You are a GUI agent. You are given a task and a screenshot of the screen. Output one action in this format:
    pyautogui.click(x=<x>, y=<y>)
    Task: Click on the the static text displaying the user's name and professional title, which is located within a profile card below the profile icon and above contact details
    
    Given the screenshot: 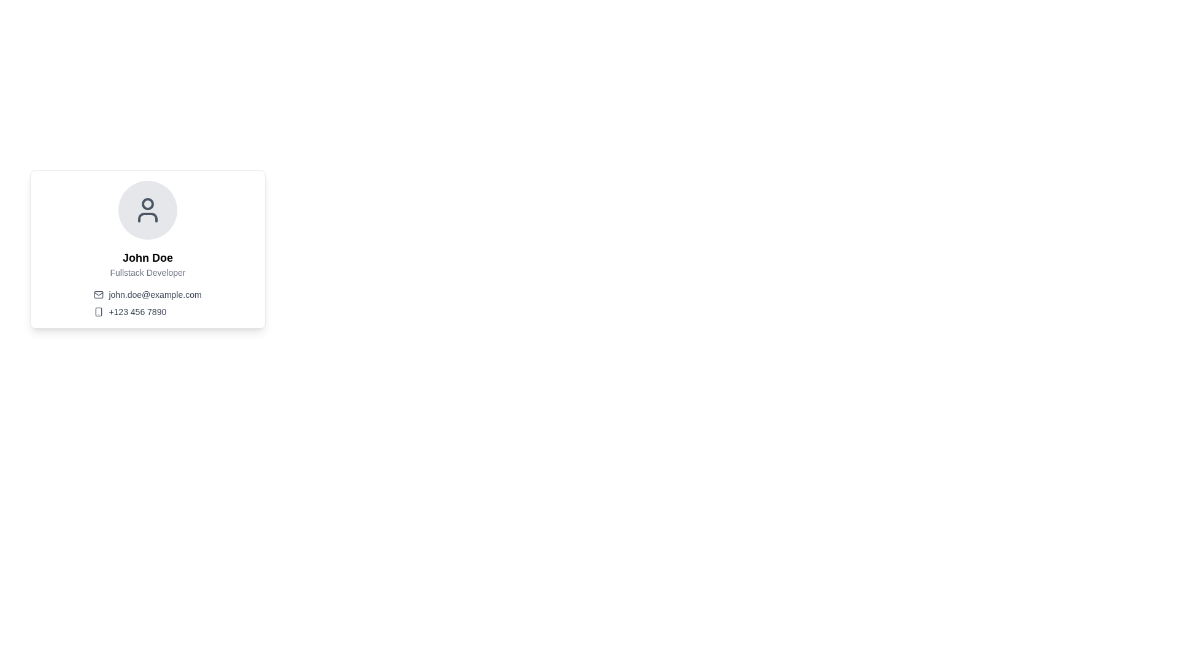 What is the action you would take?
    pyautogui.click(x=147, y=264)
    